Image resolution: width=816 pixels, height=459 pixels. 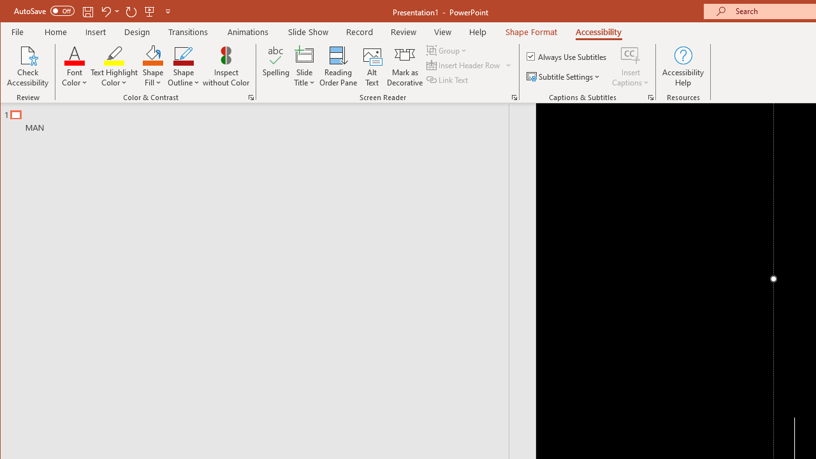 What do you see at coordinates (304, 54) in the screenshot?
I see `'Slide Title'` at bounding box center [304, 54].